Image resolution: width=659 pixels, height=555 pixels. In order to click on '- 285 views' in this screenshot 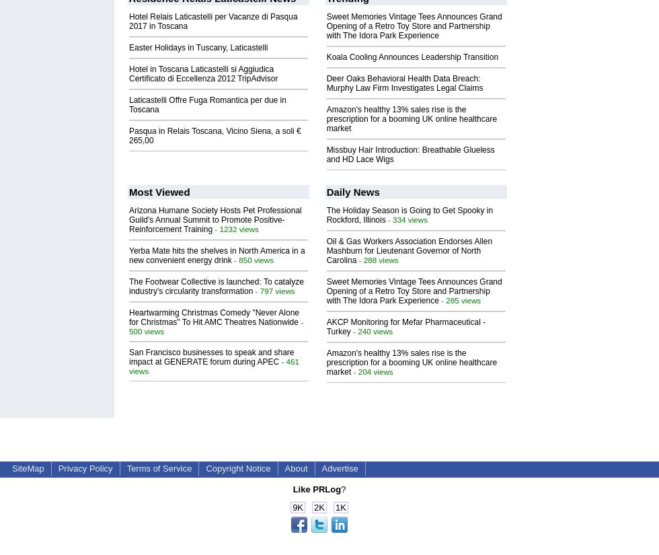, I will do `click(438, 299)`.